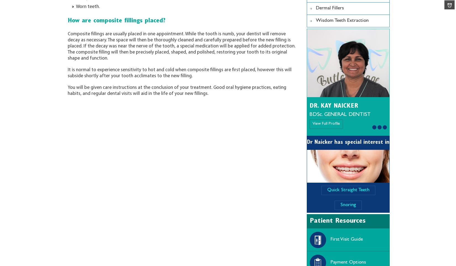 This screenshot has height=266, width=456. Describe the element at coordinates (181, 46) in the screenshot. I see `'Composite fillings are usually placed in one appointment. While the tooth is numb, your dentist will remove decay as necessary. The space will then be thoroughly cleaned and carefully prepared before the new filling is placed. If the decay was near the nerve of the tooth, a special medication will be applied for added protection. The composite filling will then be precisely placed, shaped, and polished, restoring your tooth to its original shape and function.'` at that location.